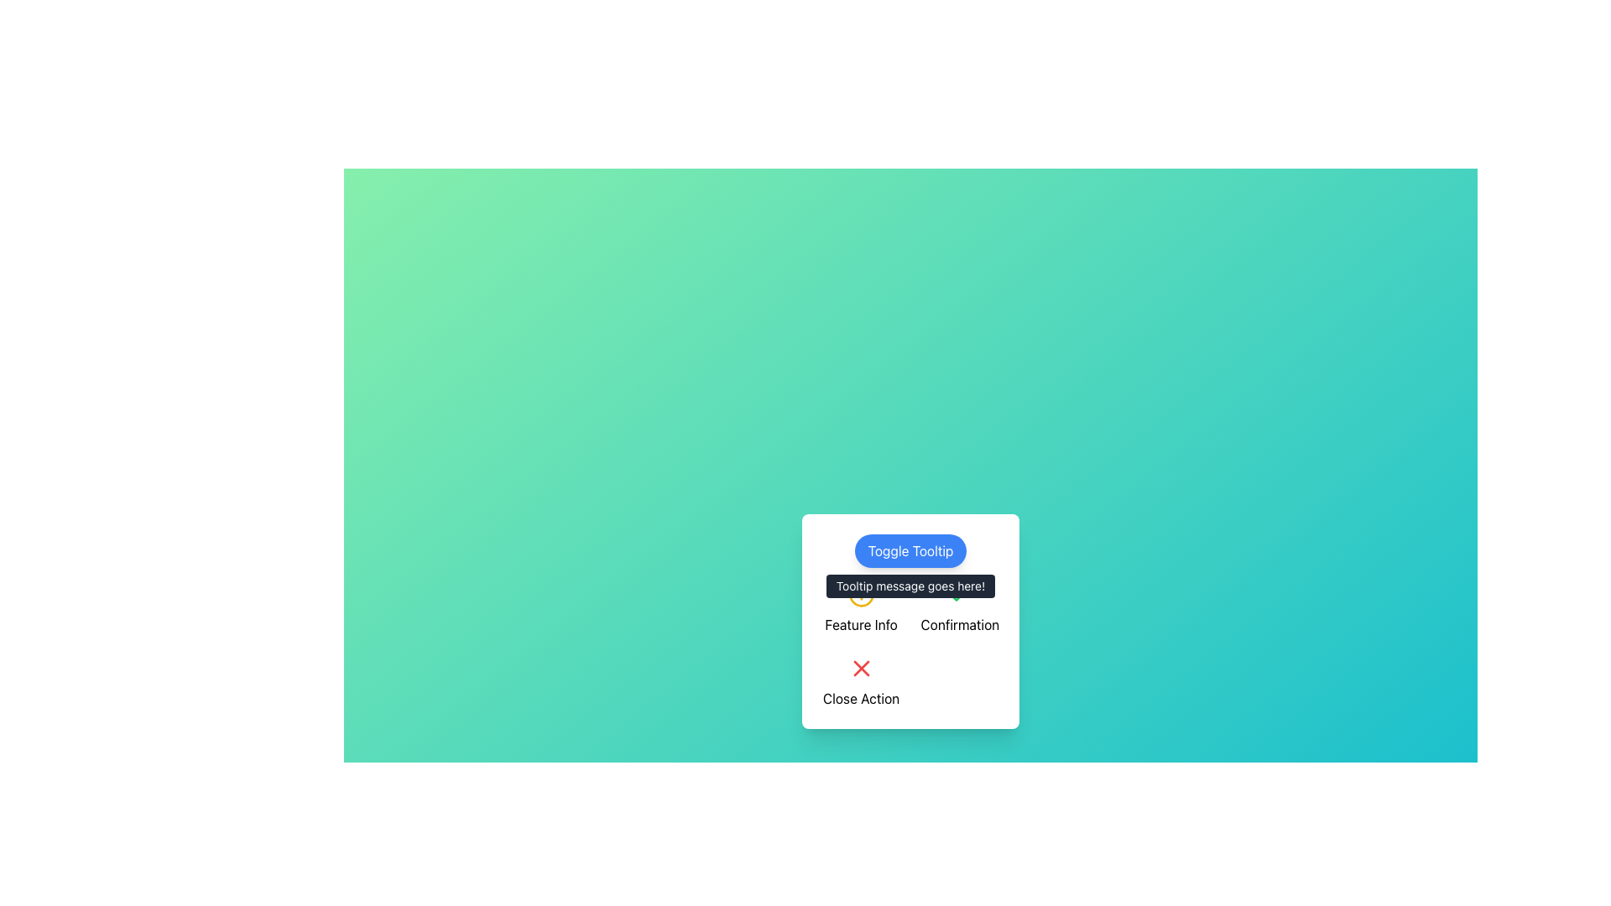 Image resolution: width=1611 pixels, height=906 pixels. I want to click on static text label positioned centrally beneath the red 'X' icon in the dialog box, which indicates its purpose as a close action, so click(861, 699).